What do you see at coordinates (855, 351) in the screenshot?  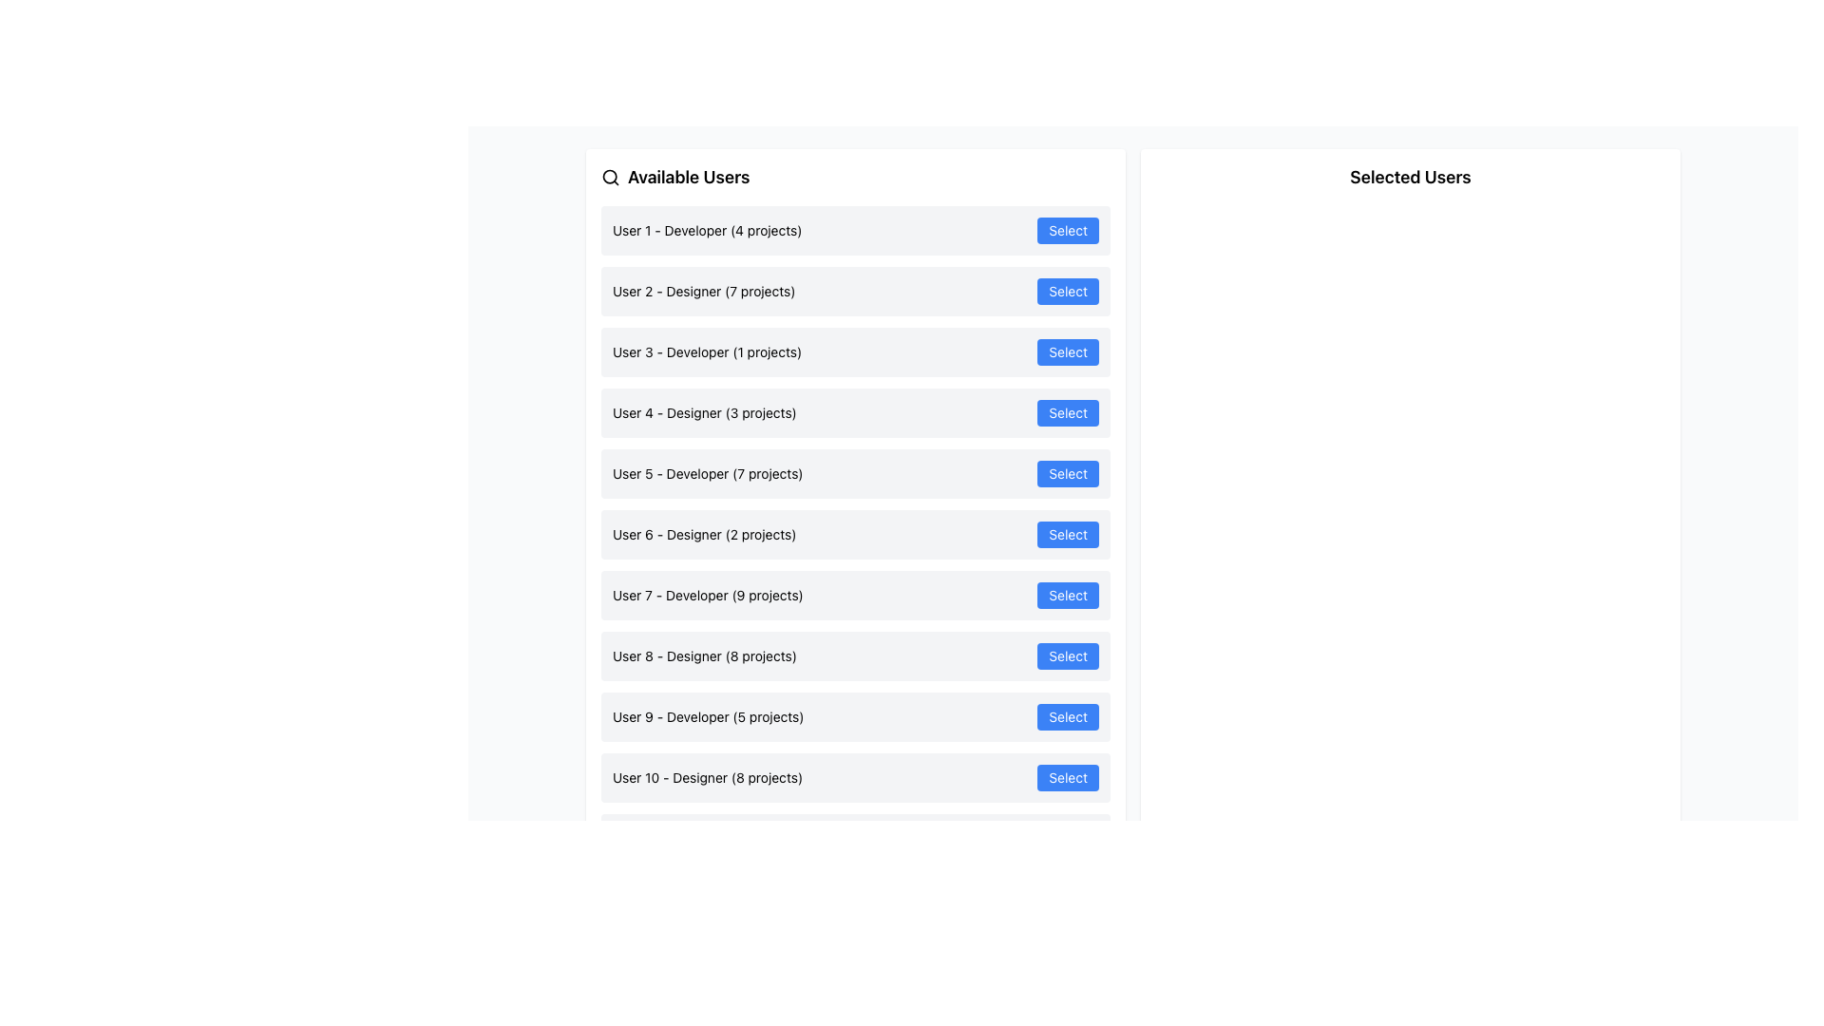 I see `the 'Select' button on the third list entry for 'User 3 - Developer (1 projects)' to choose the user` at bounding box center [855, 351].